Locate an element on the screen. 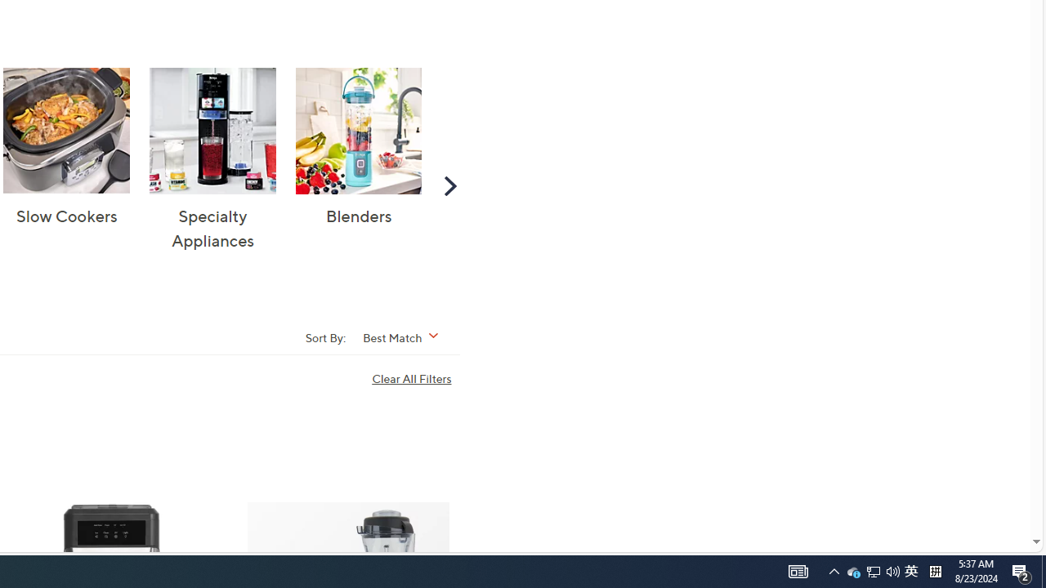 The height and width of the screenshot is (588, 1046). 'Clear All Filters' is located at coordinates (415, 378).